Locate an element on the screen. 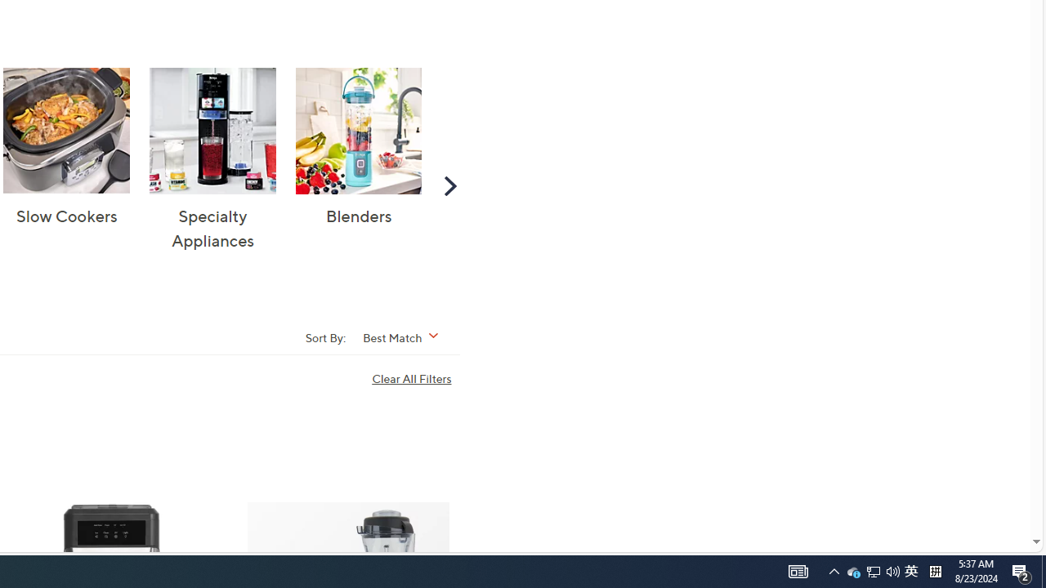 The height and width of the screenshot is (588, 1046). 'Clear All Filters' is located at coordinates (415, 378).